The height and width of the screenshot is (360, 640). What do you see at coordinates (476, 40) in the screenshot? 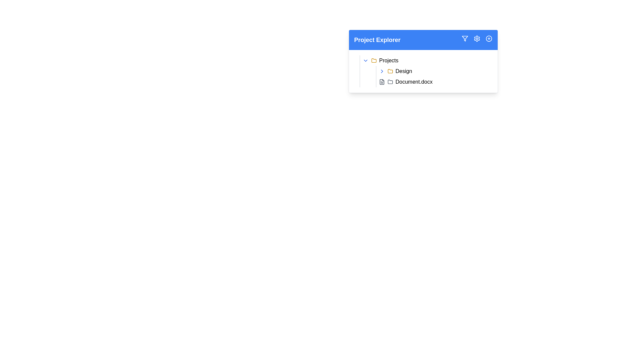
I see `the settings gear icon located in the top-right corner of the 'Project Explorer' header` at bounding box center [476, 40].